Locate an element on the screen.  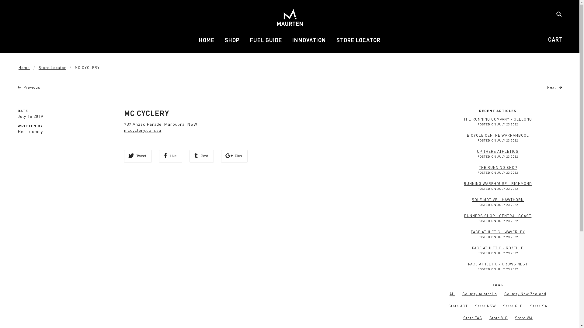
'Next' is located at coordinates (554, 87).